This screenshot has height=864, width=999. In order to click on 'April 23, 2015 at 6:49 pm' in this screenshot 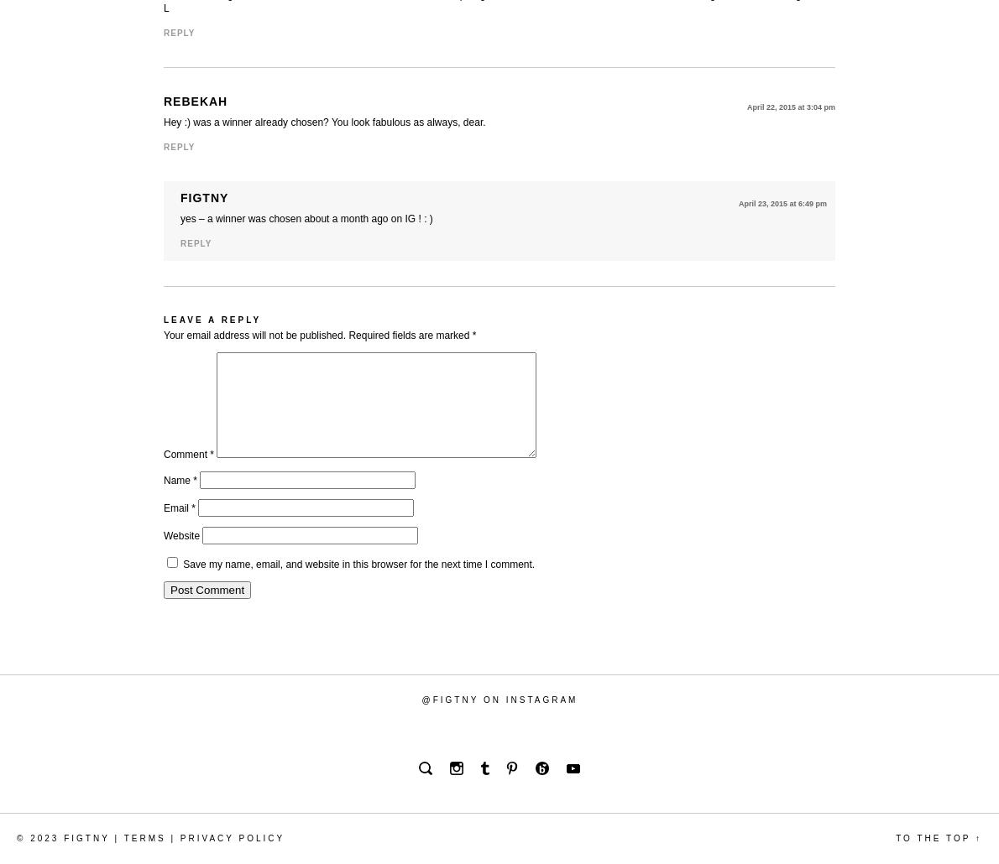, I will do `click(782, 203)`.